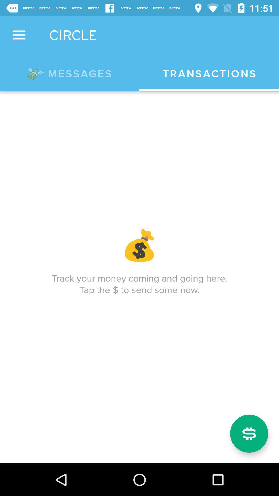 Image resolution: width=279 pixels, height=496 pixels. I want to click on the item to the right of the *messages app, so click(209, 74).